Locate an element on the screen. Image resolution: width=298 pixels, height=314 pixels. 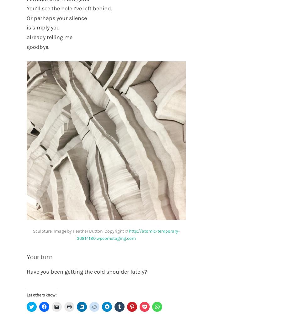
'Your turn' is located at coordinates (40, 256).